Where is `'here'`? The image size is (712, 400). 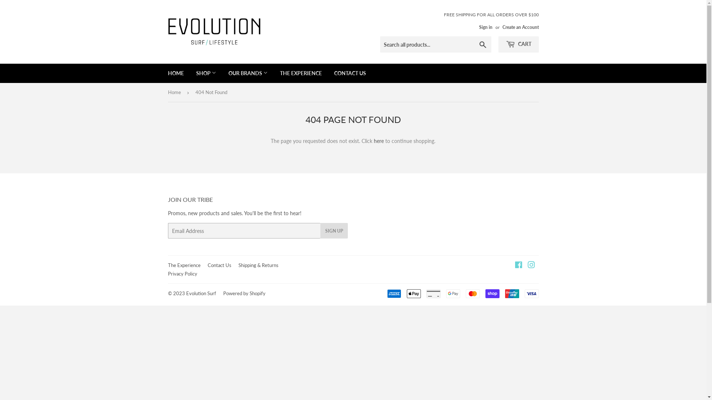
'here' is located at coordinates (379, 141).